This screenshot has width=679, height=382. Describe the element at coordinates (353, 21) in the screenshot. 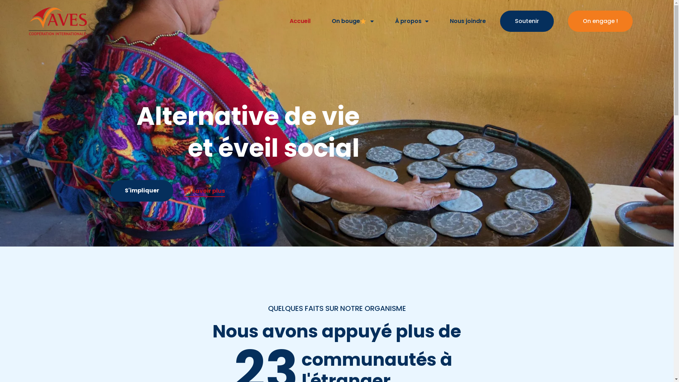

I see `'On bouge'` at that location.